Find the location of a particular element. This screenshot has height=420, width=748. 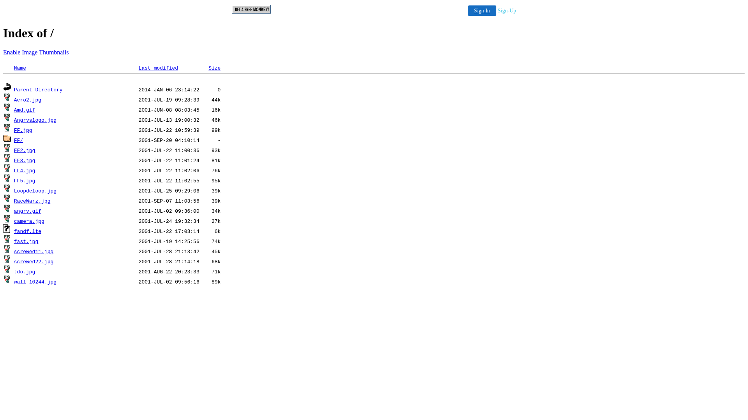

'Amd.gif' is located at coordinates (25, 110).